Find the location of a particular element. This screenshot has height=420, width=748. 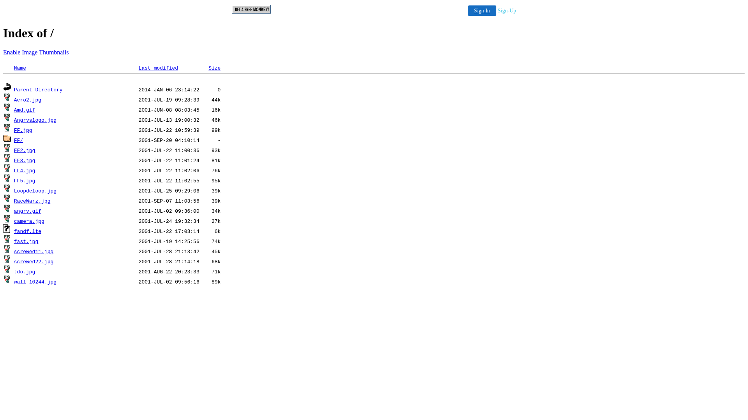

'Amd.gif' is located at coordinates (25, 110).